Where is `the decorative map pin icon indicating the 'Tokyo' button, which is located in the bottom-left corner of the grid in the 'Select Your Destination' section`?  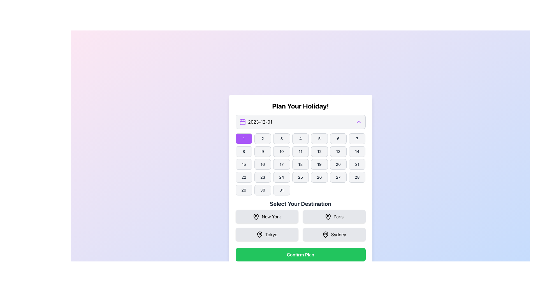
the decorative map pin icon indicating the 'Tokyo' button, which is located in the bottom-left corner of the grid in the 'Select Your Destination' section is located at coordinates (259, 235).